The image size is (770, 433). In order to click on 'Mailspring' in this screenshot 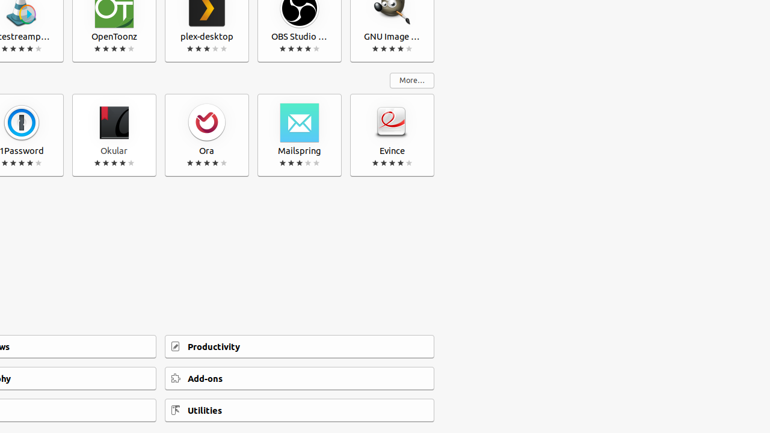, I will do `click(300, 135)`.